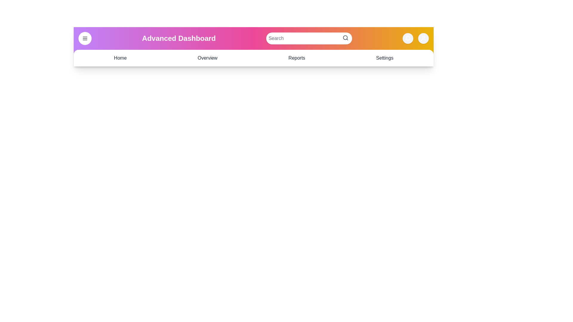 Image resolution: width=573 pixels, height=322 pixels. Describe the element at coordinates (385, 58) in the screenshot. I see `the navigation link Settings` at that location.